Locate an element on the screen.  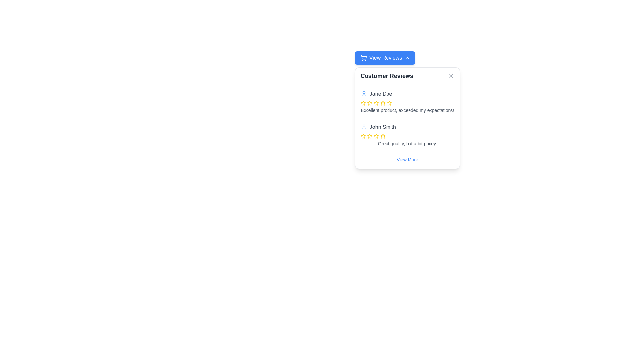
the shopping cart icon with a blue background and white outline, located within the 'View Reviews' button at the top-center of the interface is located at coordinates (363, 58).